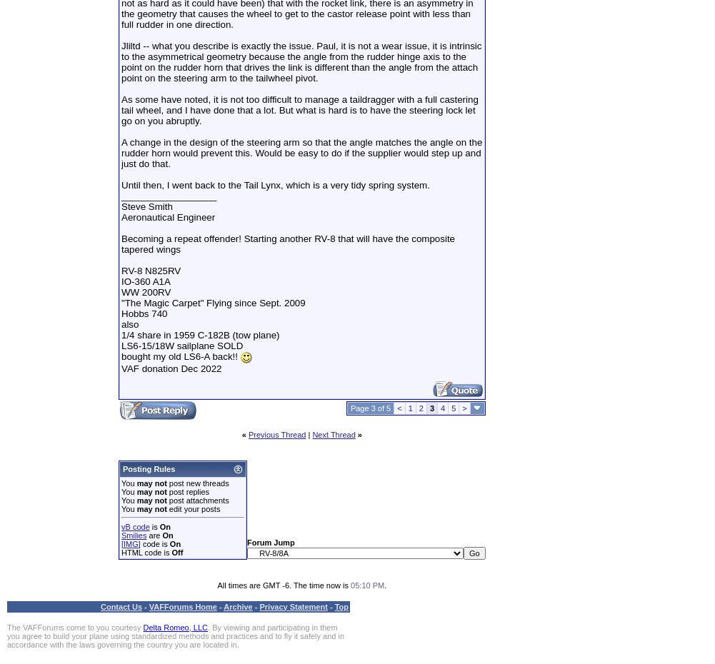 The width and height of the screenshot is (715, 664). Describe the element at coordinates (139, 543) in the screenshot. I see `'code is'` at that location.